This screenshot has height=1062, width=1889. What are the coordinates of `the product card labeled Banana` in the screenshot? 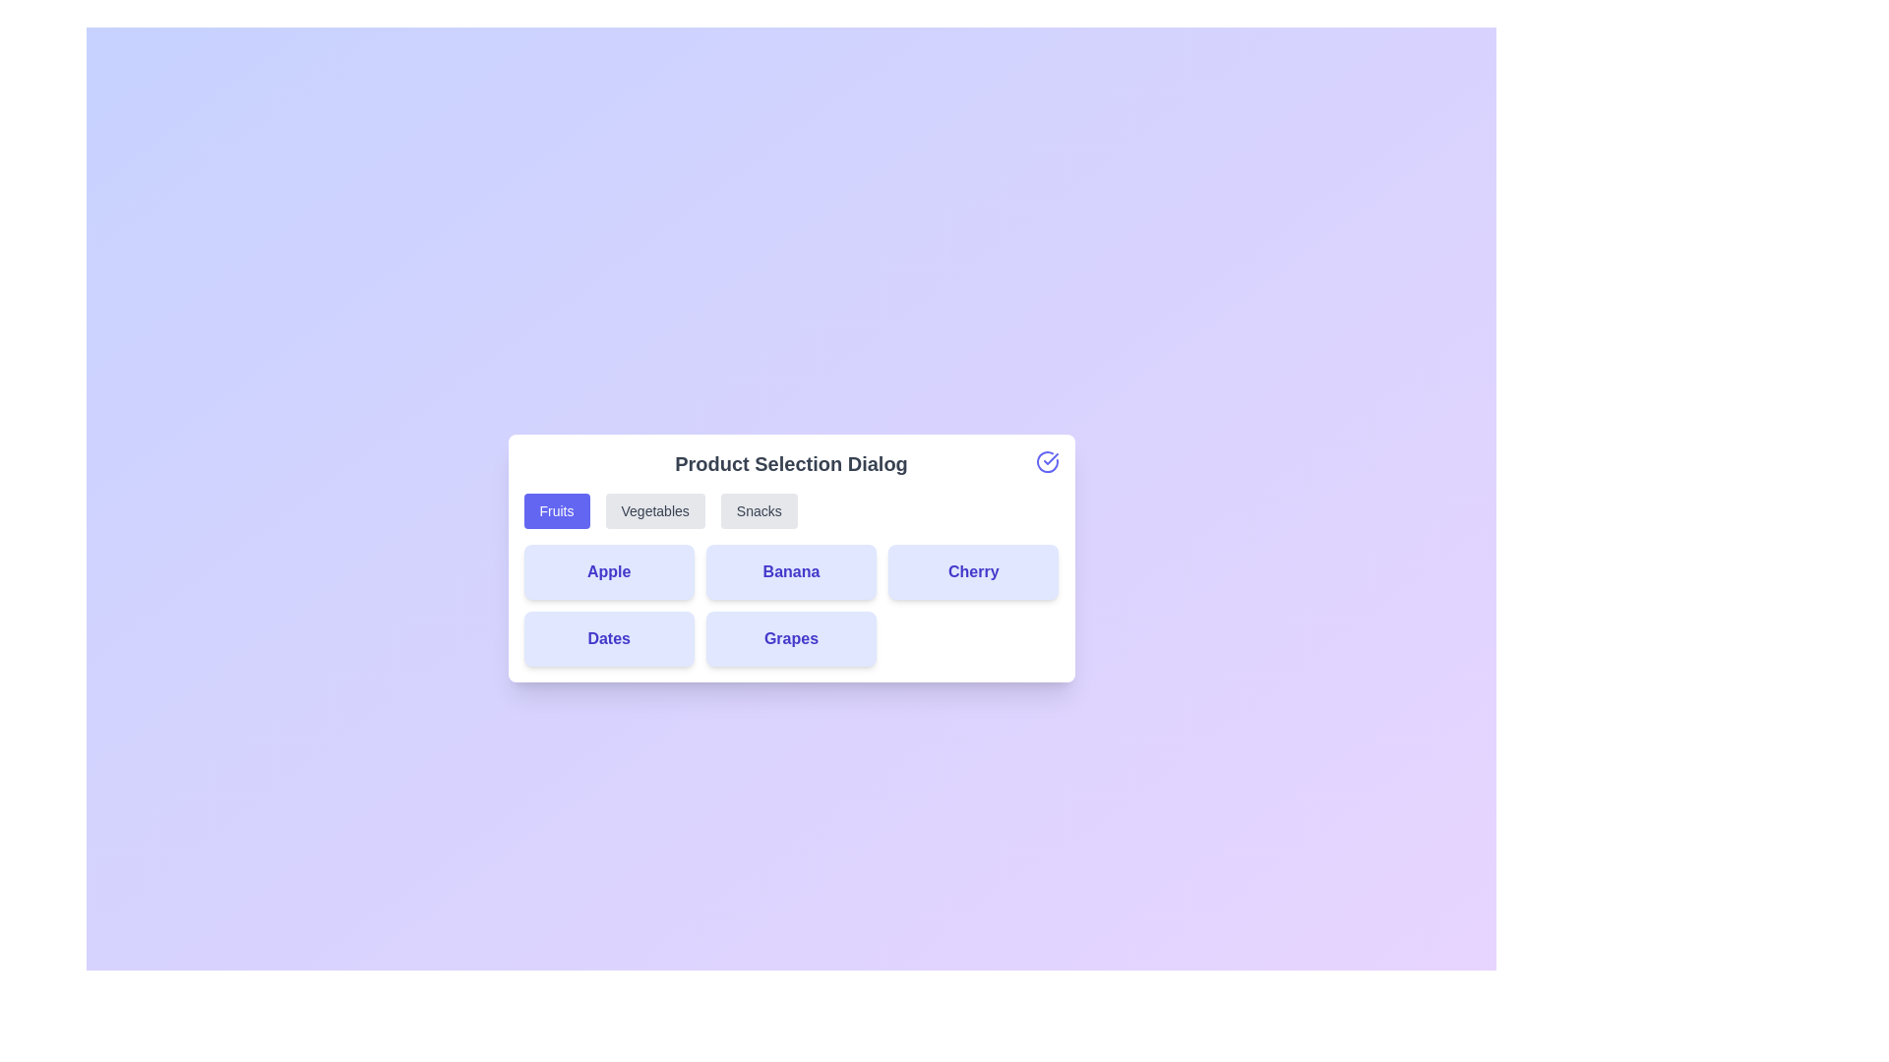 It's located at (791, 572).